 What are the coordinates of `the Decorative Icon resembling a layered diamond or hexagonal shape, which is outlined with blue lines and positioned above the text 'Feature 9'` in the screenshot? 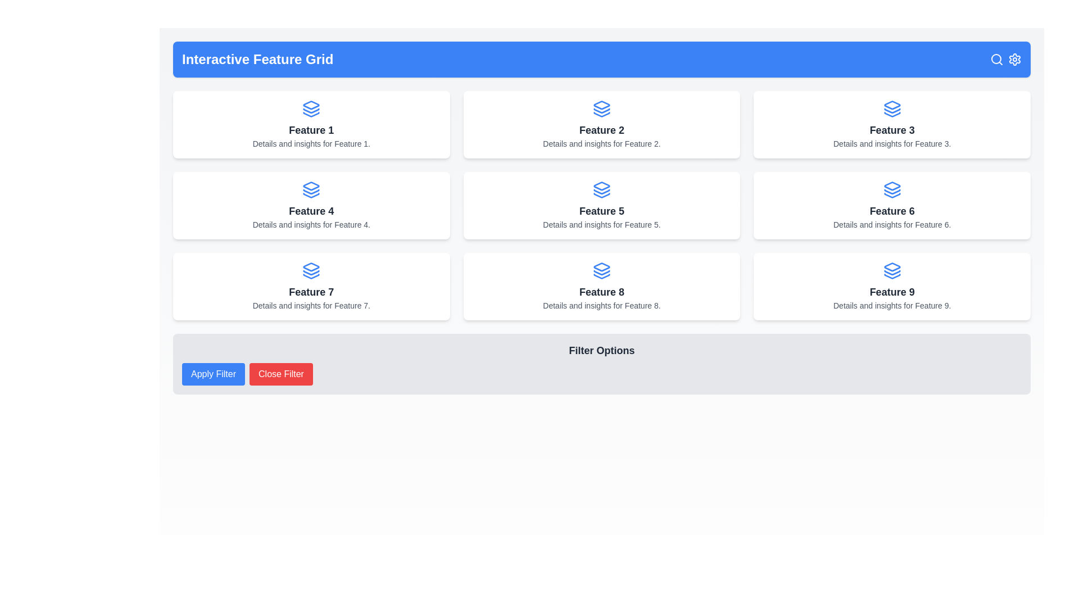 It's located at (891, 267).